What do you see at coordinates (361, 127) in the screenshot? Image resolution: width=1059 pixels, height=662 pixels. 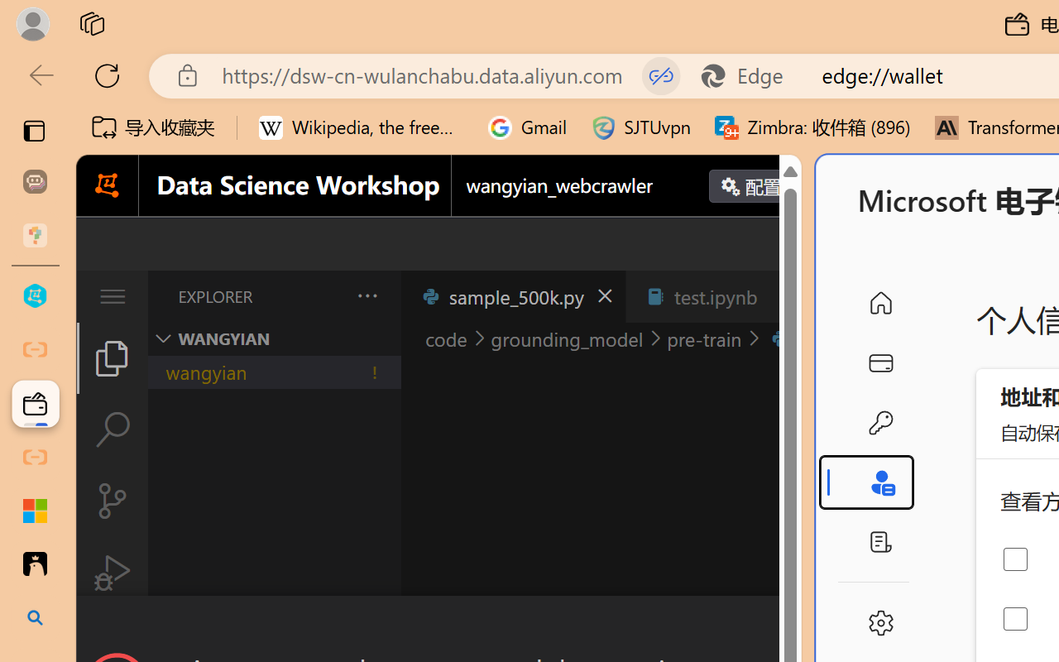 I see `'Wikipedia, the free encyclopedia'` at bounding box center [361, 127].